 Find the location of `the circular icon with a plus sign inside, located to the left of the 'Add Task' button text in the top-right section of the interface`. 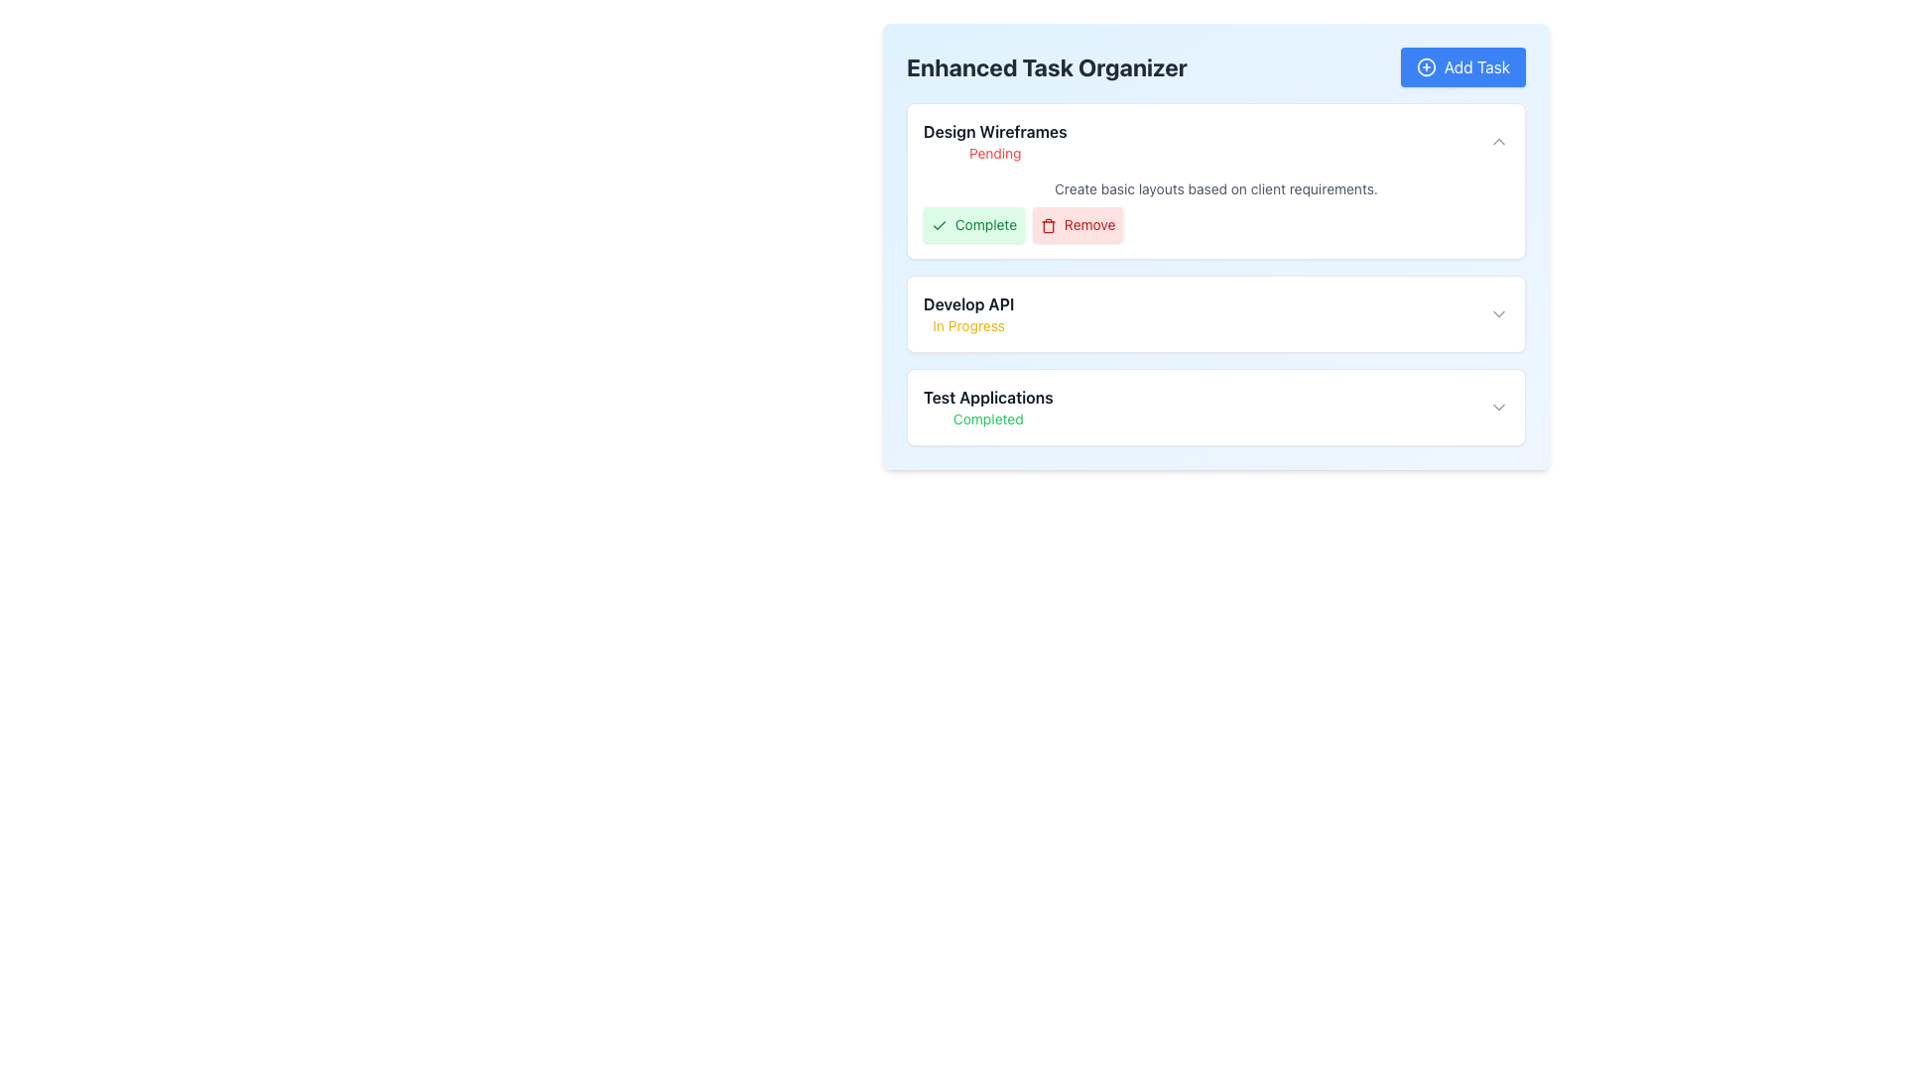

the circular icon with a plus sign inside, located to the left of the 'Add Task' button text in the top-right section of the interface is located at coordinates (1425, 66).